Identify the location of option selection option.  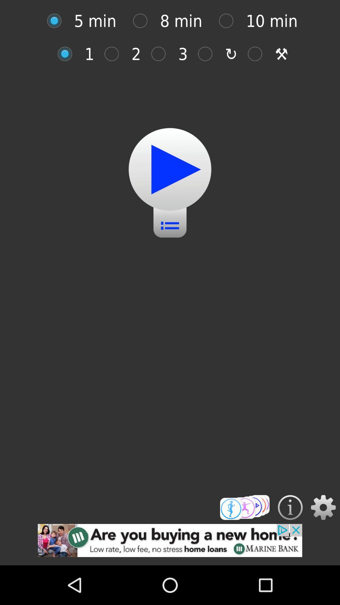
(68, 54).